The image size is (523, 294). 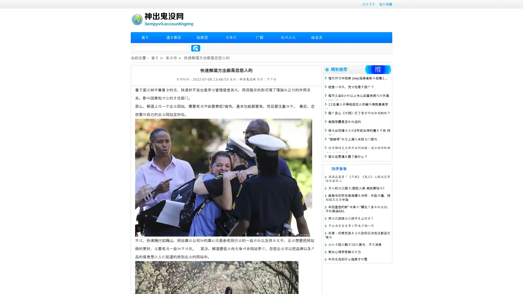 What do you see at coordinates (196, 48) in the screenshot?
I see `Search` at bounding box center [196, 48].